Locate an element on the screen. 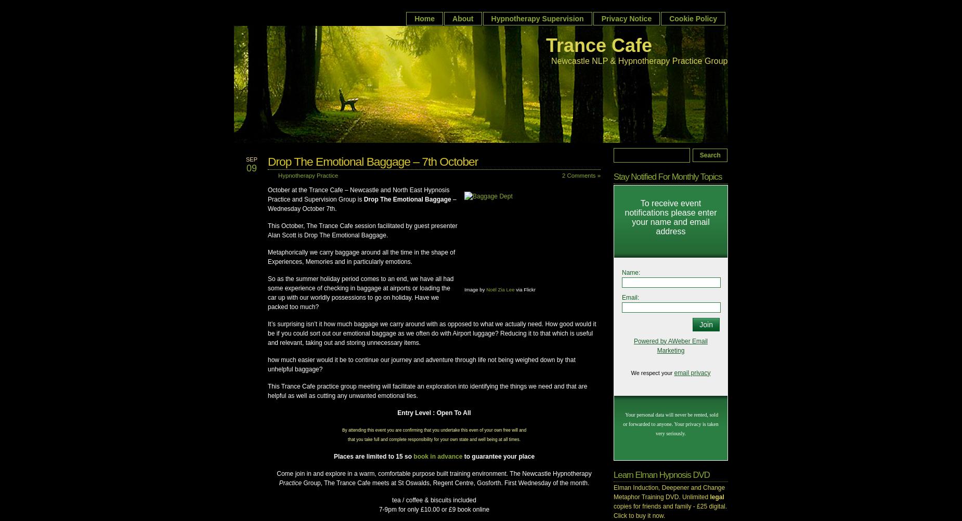 The height and width of the screenshot is (521, 962). 'Image by' is located at coordinates (475, 288).